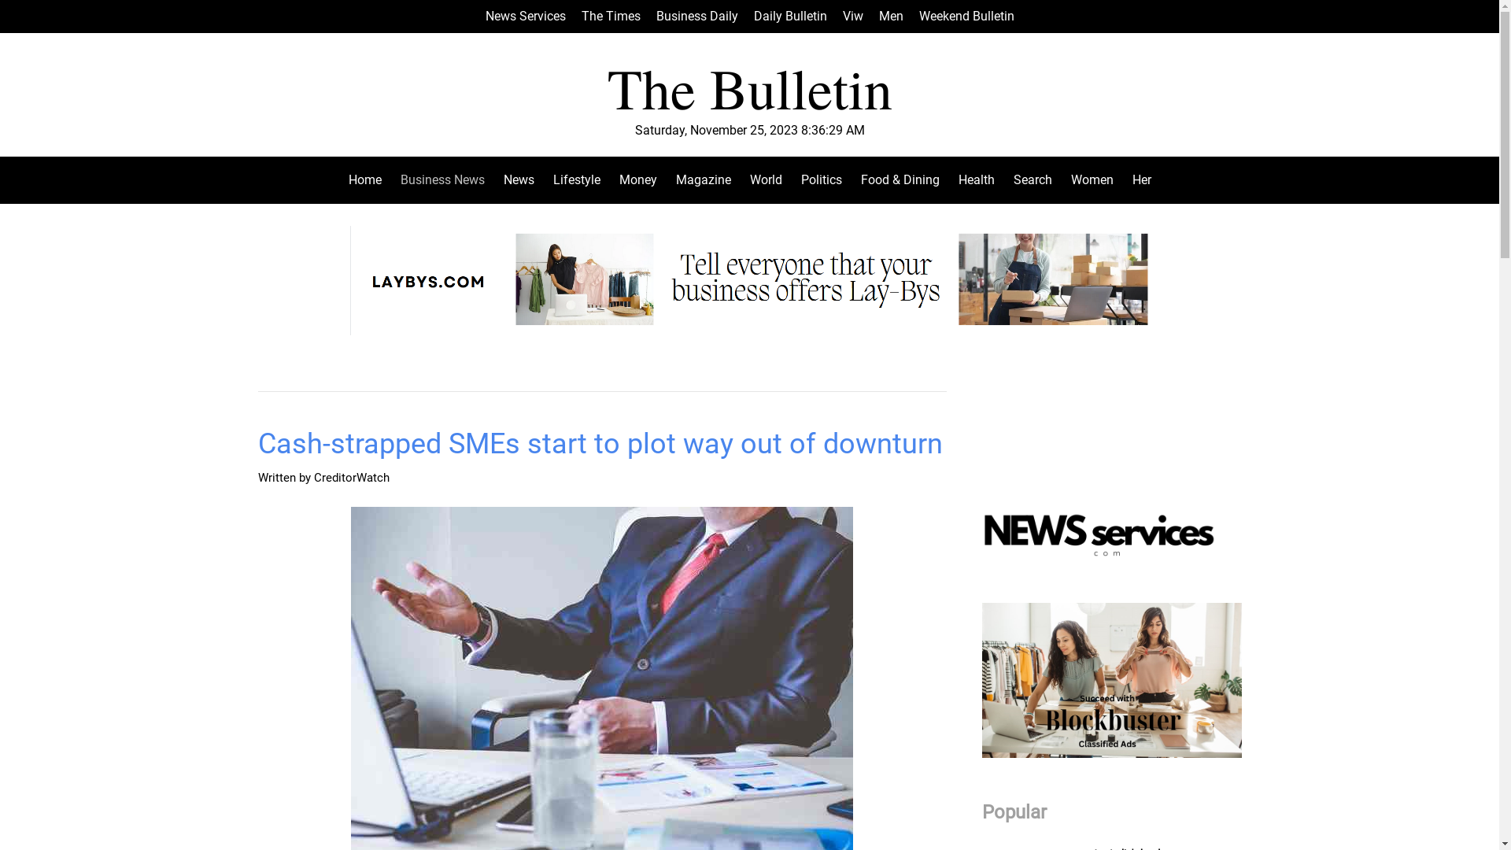 This screenshot has height=850, width=1511. Describe the element at coordinates (900, 179) in the screenshot. I see `'Food & Dining'` at that location.